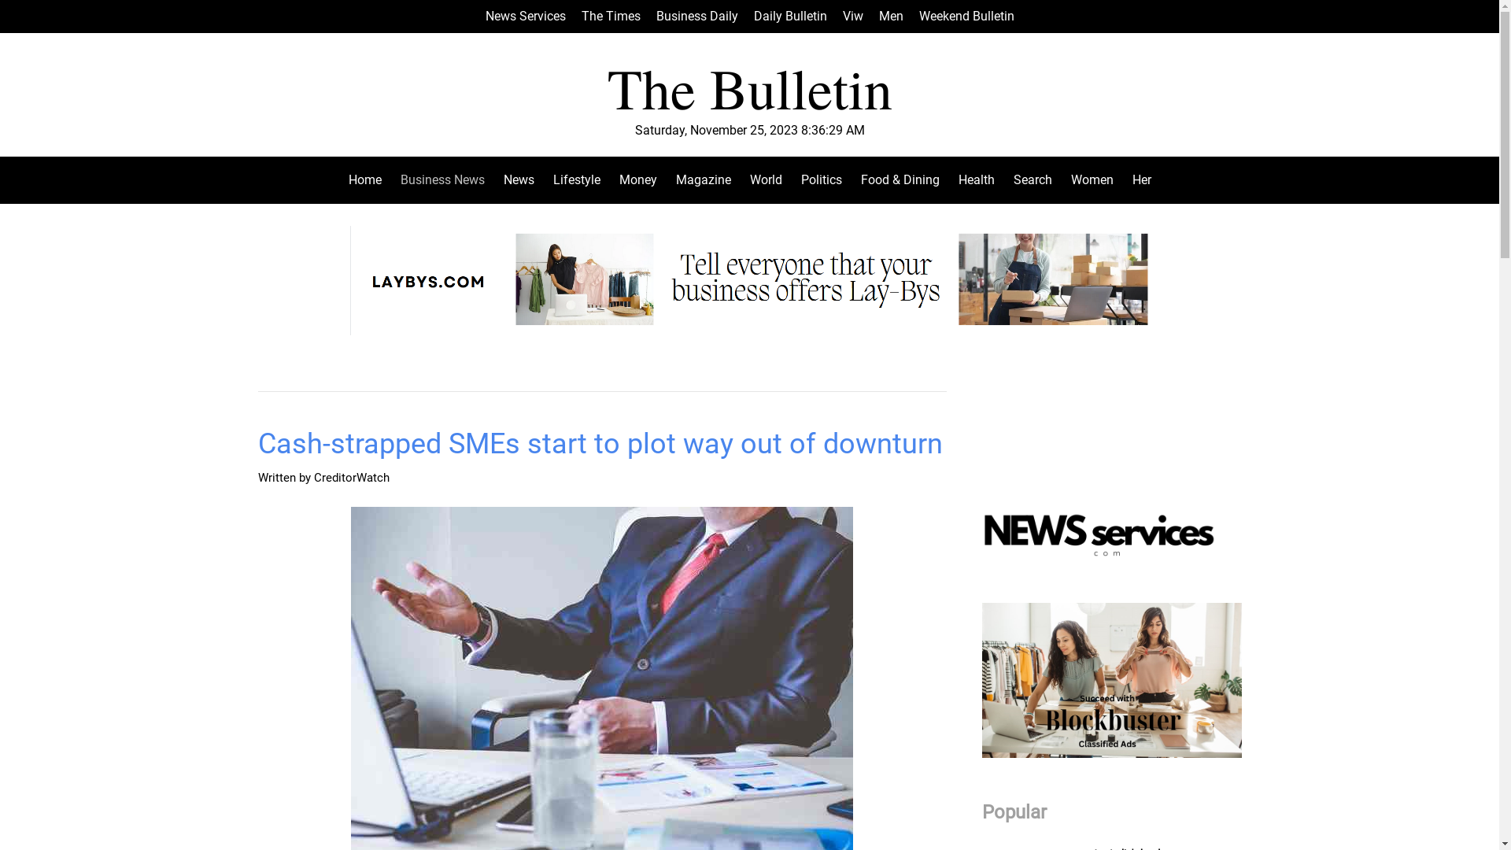 This screenshot has height=850, width=1511. Describe the element at coordinates (900, 179) in the screenshot. I see `'Food & Dining'` at that location.